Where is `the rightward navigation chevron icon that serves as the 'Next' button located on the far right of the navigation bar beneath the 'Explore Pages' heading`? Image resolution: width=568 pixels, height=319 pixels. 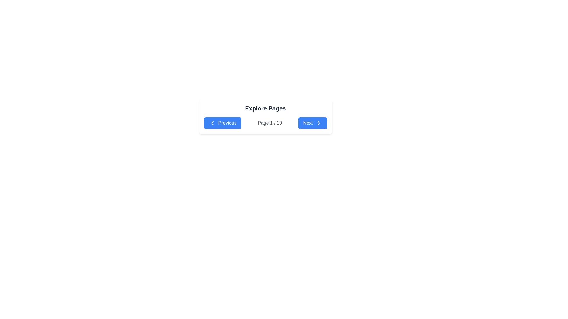 the rightward navigation chevron icon that serves as the 'Next' button located on the far right of the navigation bar beneath the 'Explore Pages' heading is located at coordinates (318, 123).